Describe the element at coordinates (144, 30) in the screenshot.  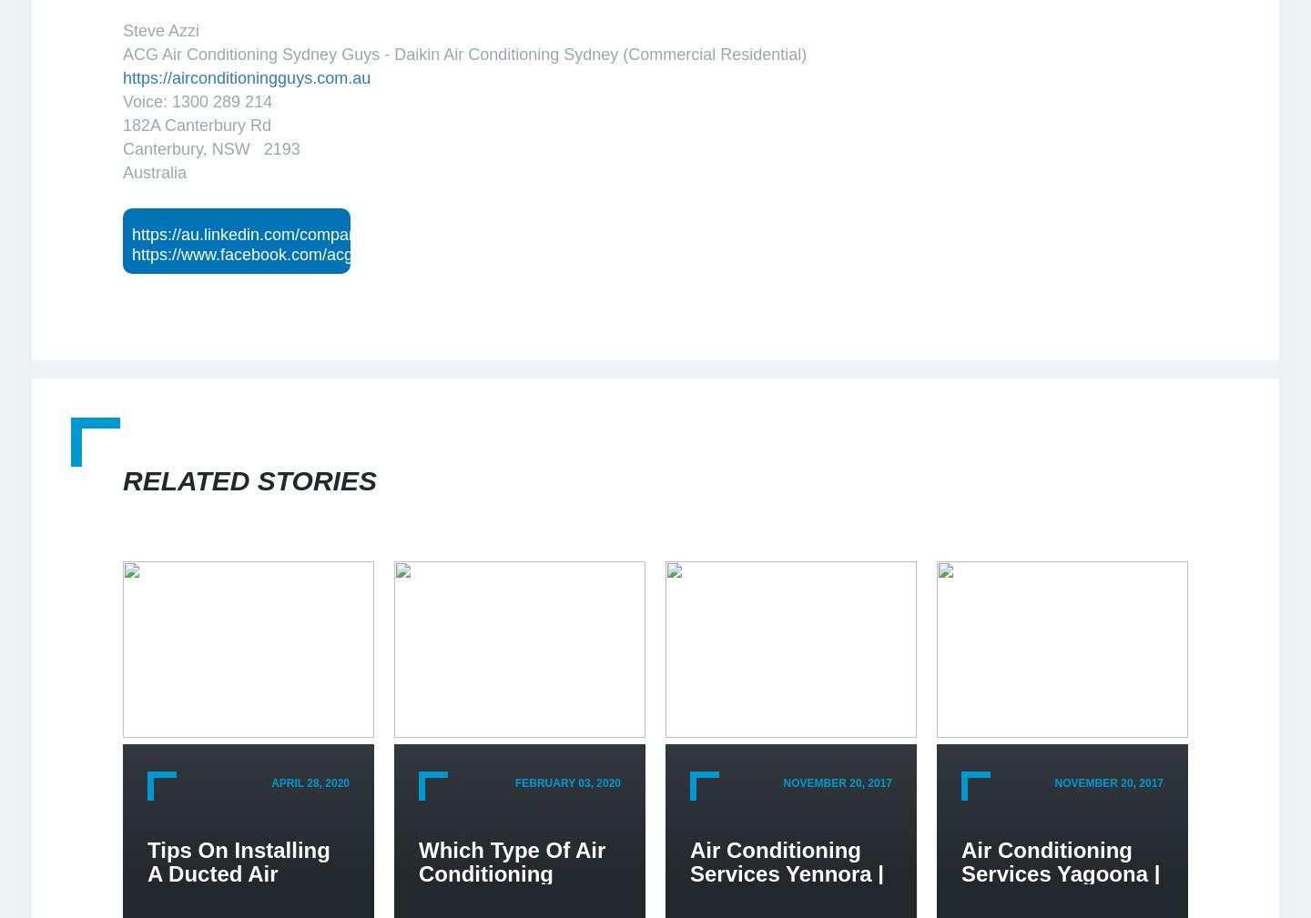
I see `'Steve'` at that location.